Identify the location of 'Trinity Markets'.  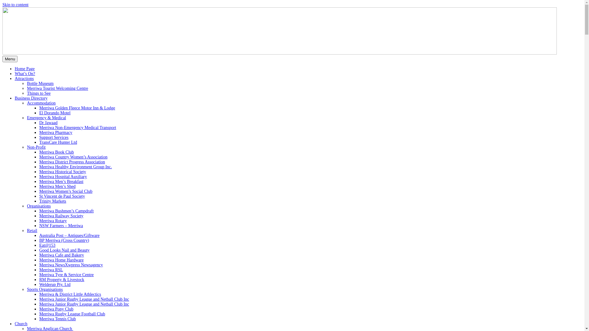
(53, 201).